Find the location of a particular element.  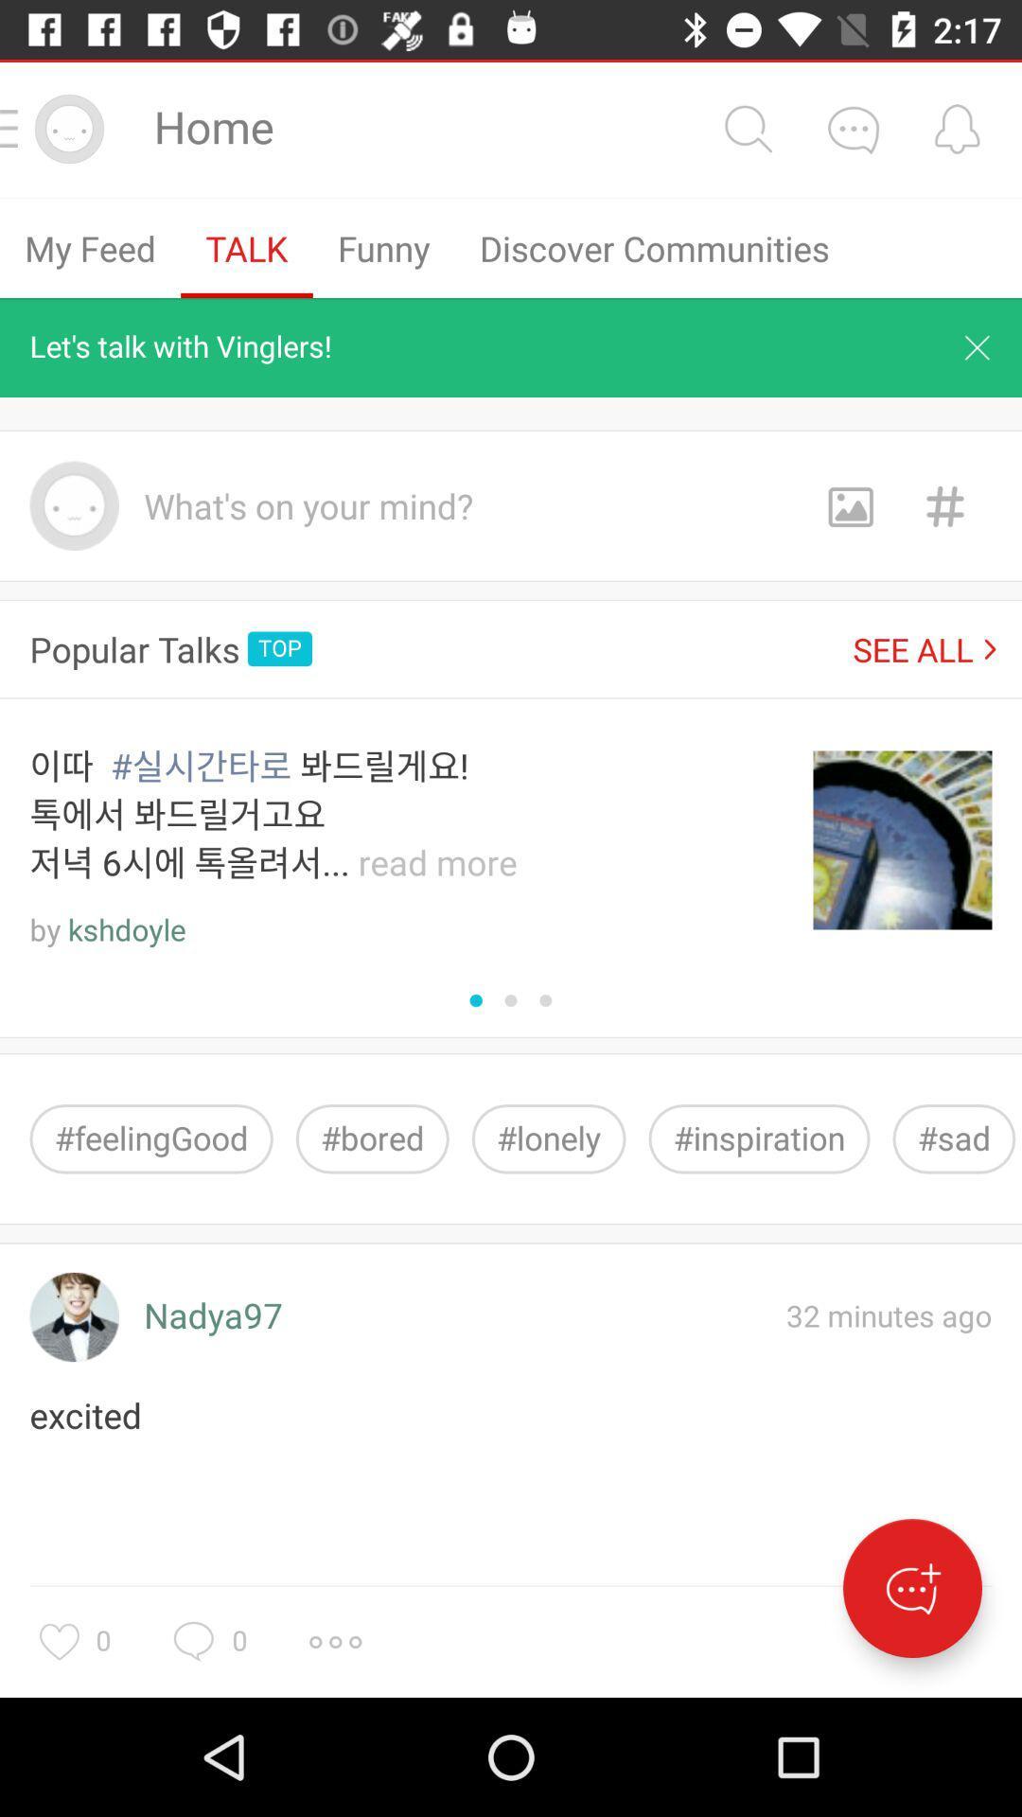

set alarm is located at coordinates (957, 128).